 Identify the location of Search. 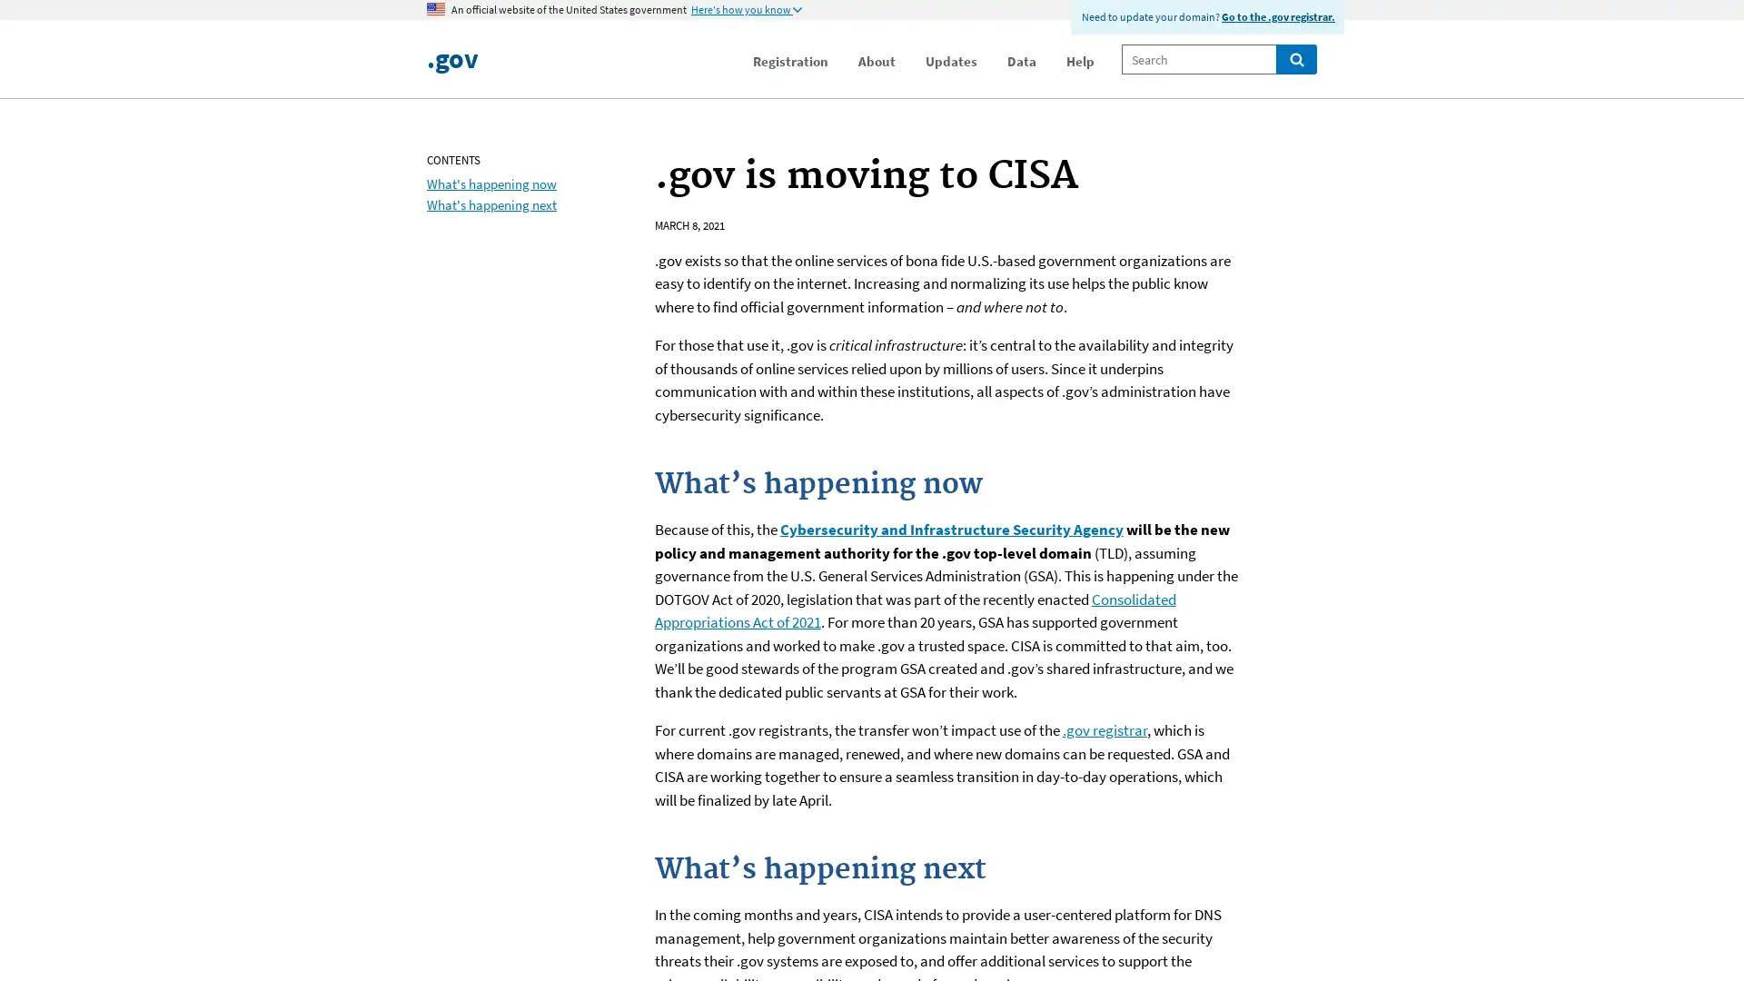
(1295, 58).